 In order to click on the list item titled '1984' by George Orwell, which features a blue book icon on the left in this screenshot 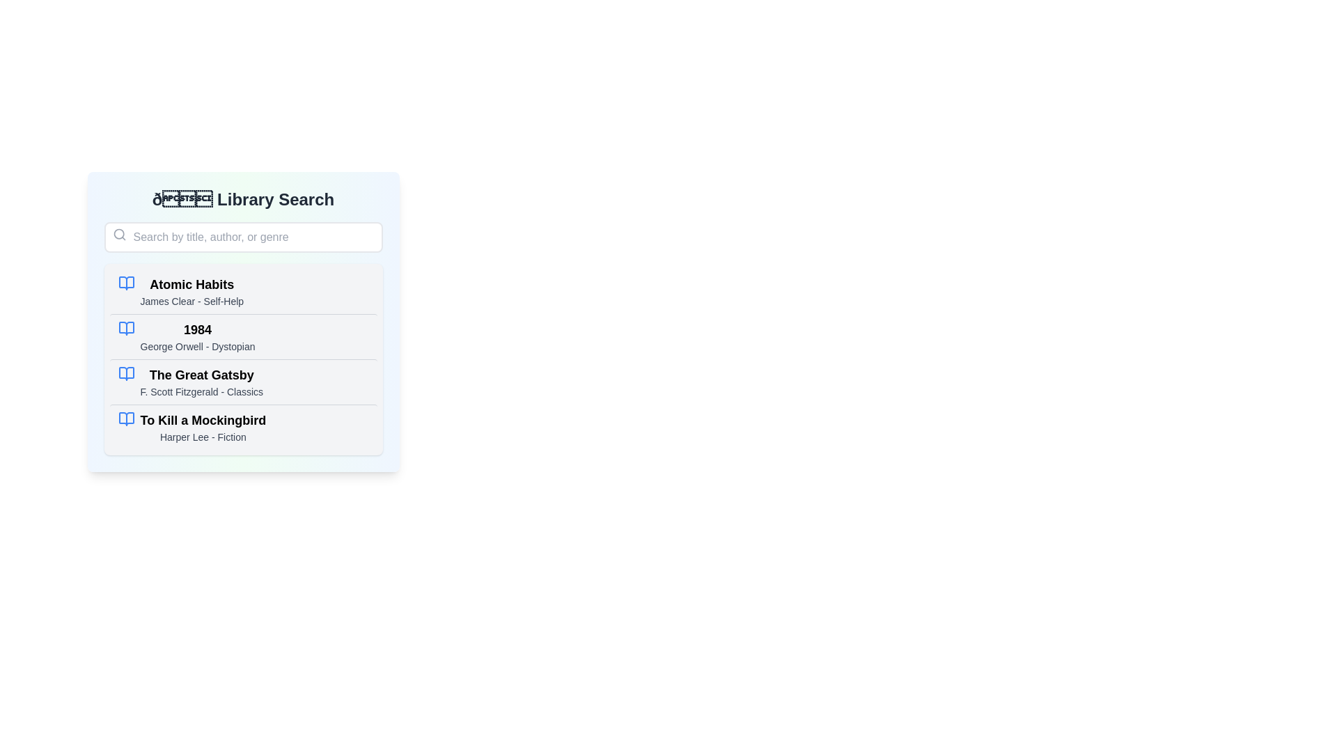, I will do `click(243, 336)`.